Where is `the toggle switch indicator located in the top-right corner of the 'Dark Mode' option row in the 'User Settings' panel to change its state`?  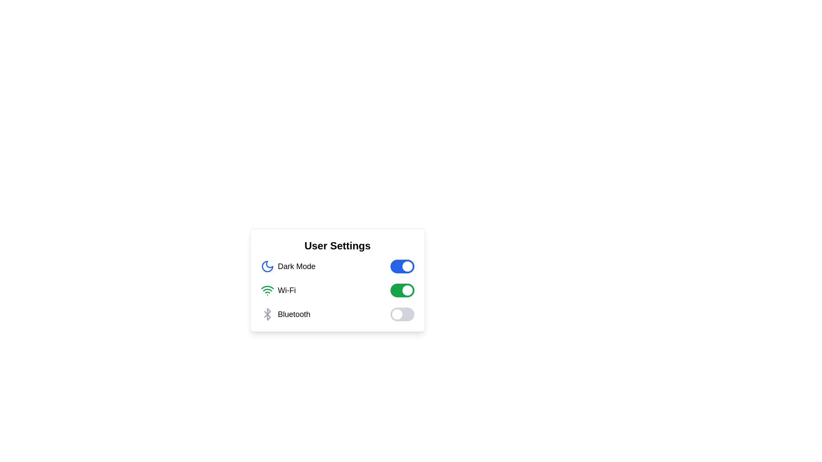
the toggle switch indicator located in the top-right corner of the 'Dark Mode' option row in the 'User Settings' panel to change its state is located at coordinates (407, 266).